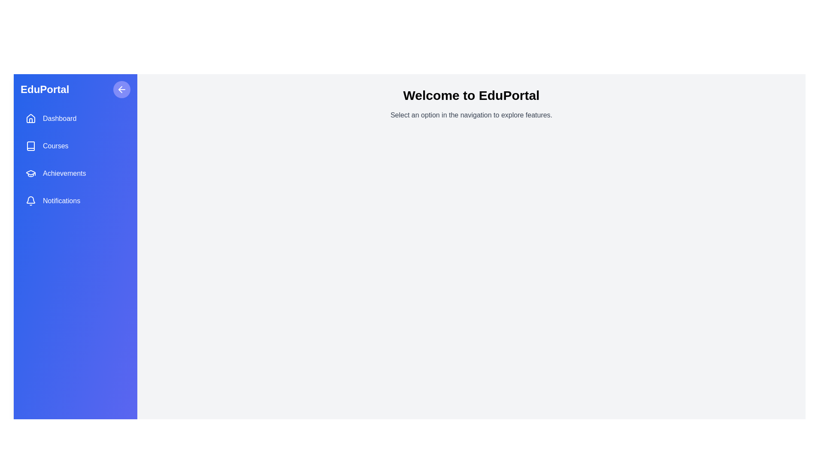  Describe the element at coordinates (76, 89) in the screenshot. I see `the 'EduPortal' branding text in the sidebar` at that location.